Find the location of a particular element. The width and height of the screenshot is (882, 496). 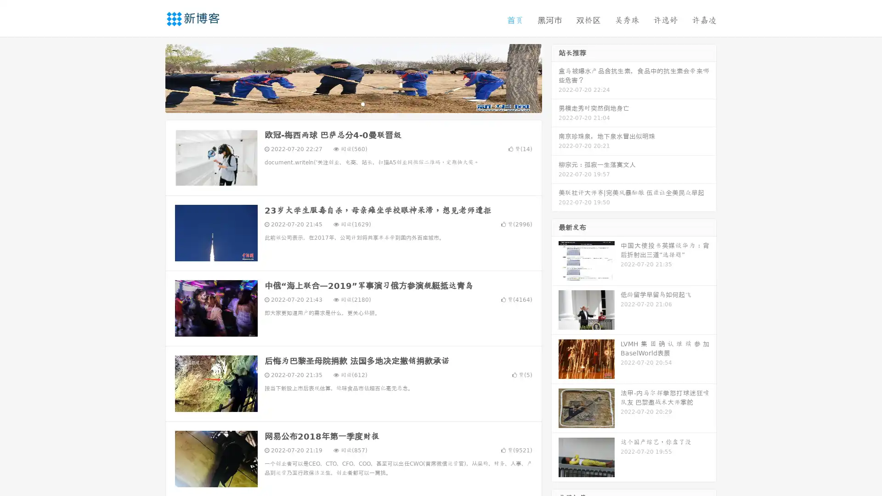

Go to slide 1 is located at coordinates (344, 103).